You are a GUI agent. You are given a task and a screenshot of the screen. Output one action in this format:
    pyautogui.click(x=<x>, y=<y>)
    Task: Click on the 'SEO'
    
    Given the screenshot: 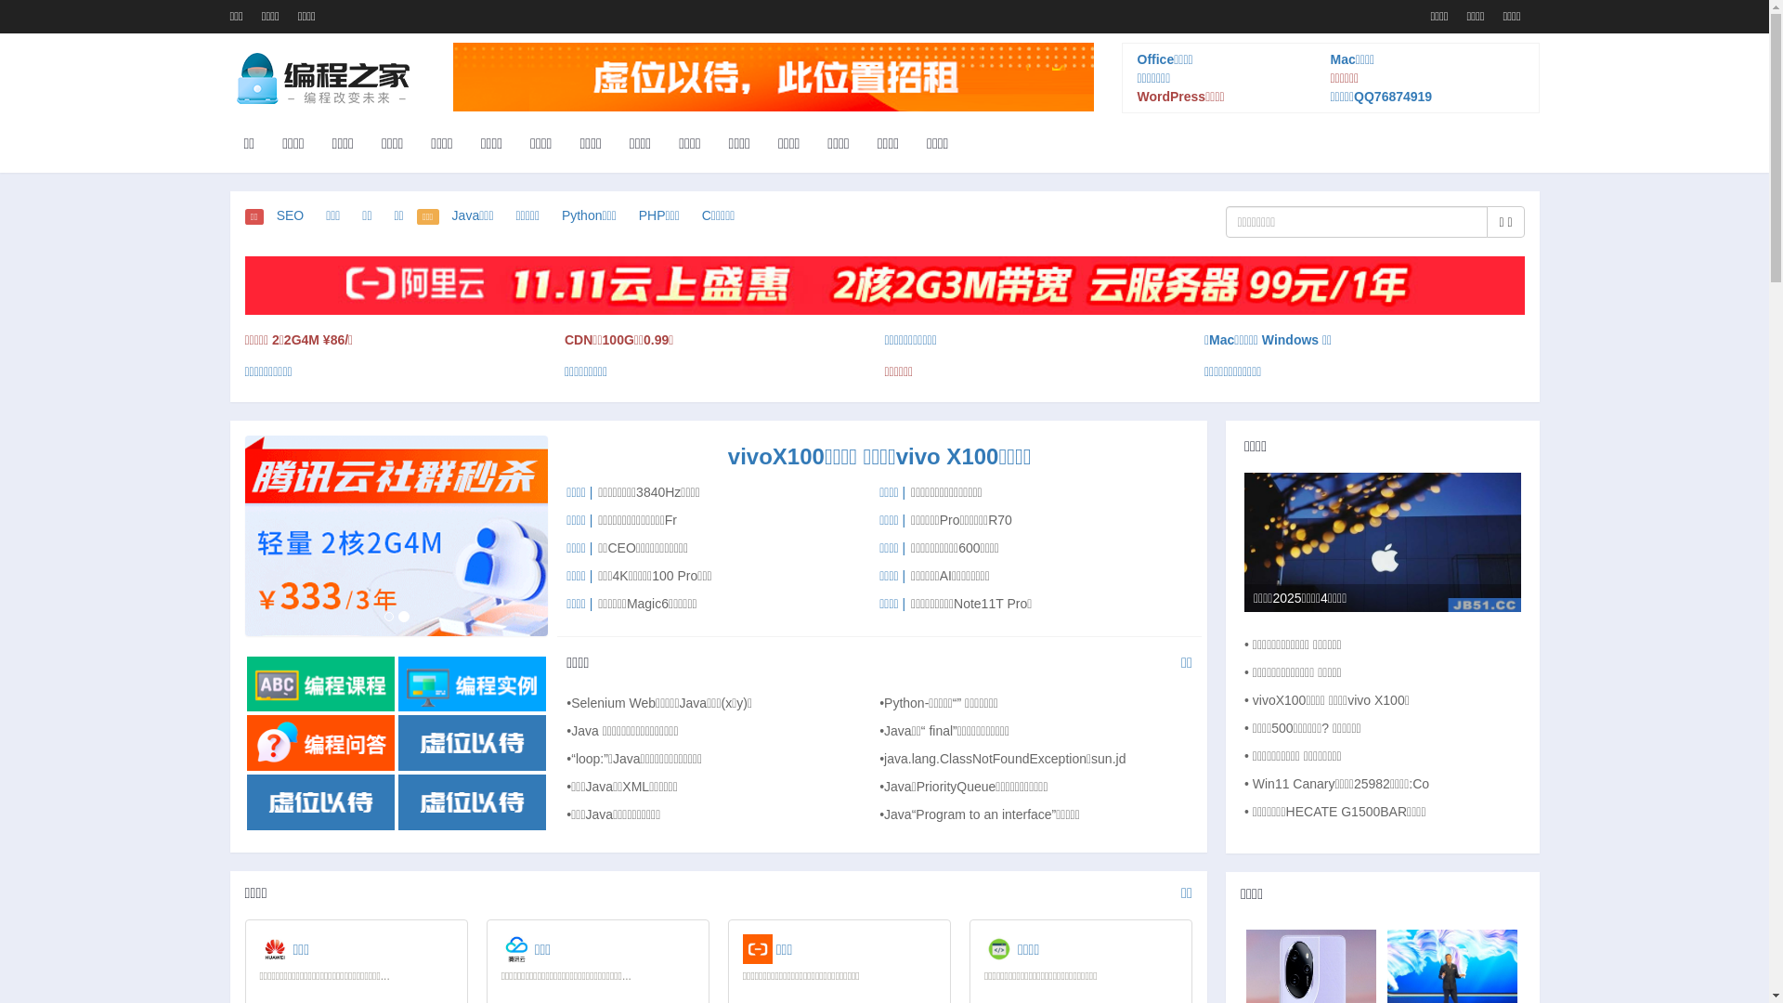 What is the action you would take?
    pyautogui.click(x=289, y=214)
    